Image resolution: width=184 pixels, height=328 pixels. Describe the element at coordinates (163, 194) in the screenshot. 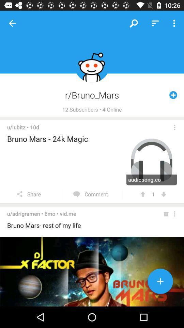

I see `shows down icon` at that location.